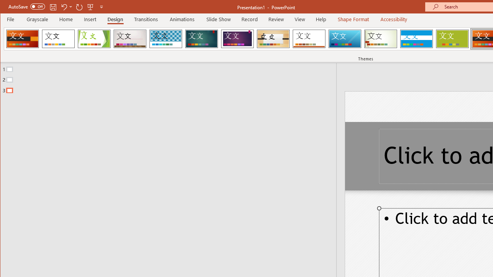 The height and width of the screenshot is (277, 493). What do you see at coordinates (416, 38) in the screenshot?
I see `'Banded'` at bounding box center [416, 38].